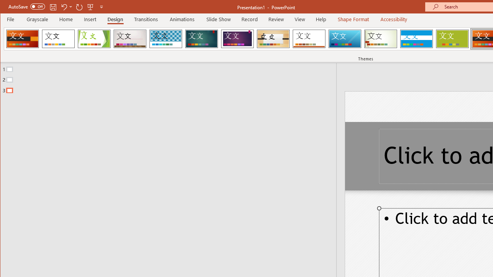 The height and width of the screenshot is (277, 493). What do you see at coordinates (416, 38) in the screenshot?
I see `'Banded'` at bounding box center [416, 38].